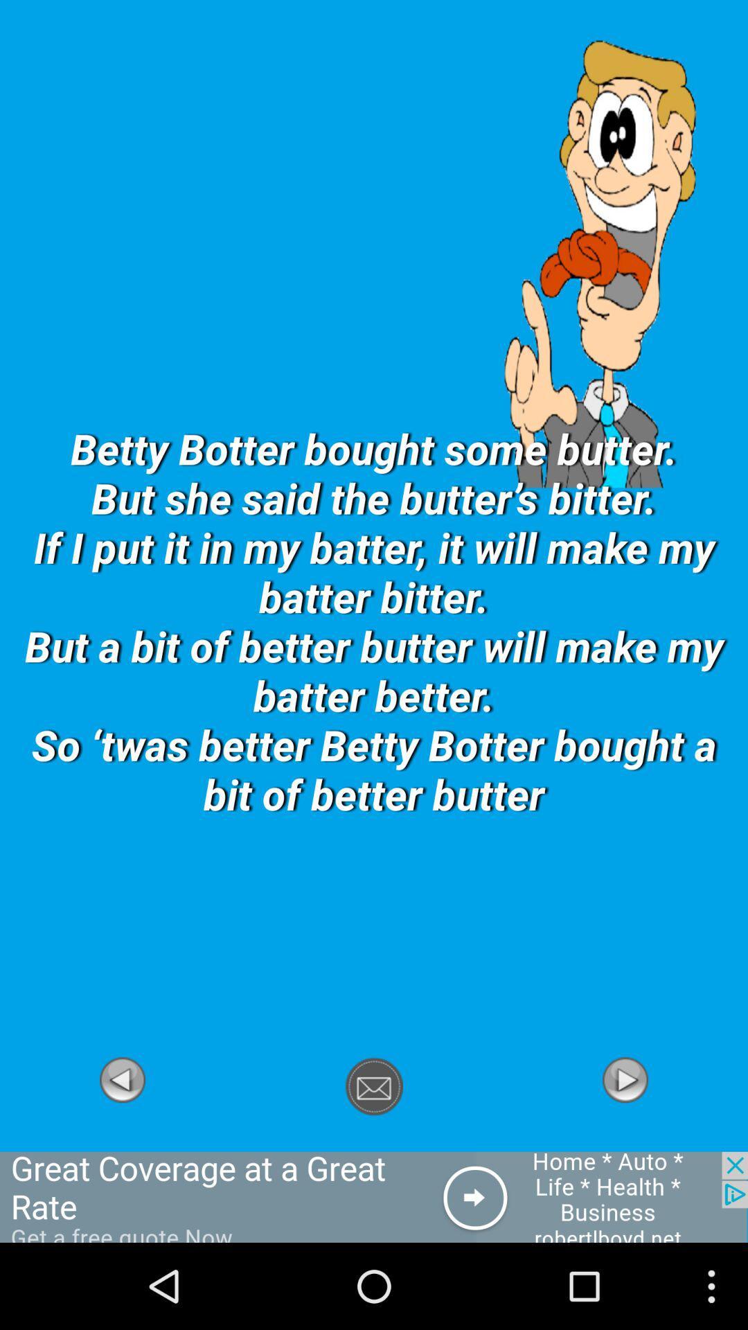 The image size is (748, 1330). Describe the element at coordinates (122, 1144) in the screenshot. I see `back` at that location.